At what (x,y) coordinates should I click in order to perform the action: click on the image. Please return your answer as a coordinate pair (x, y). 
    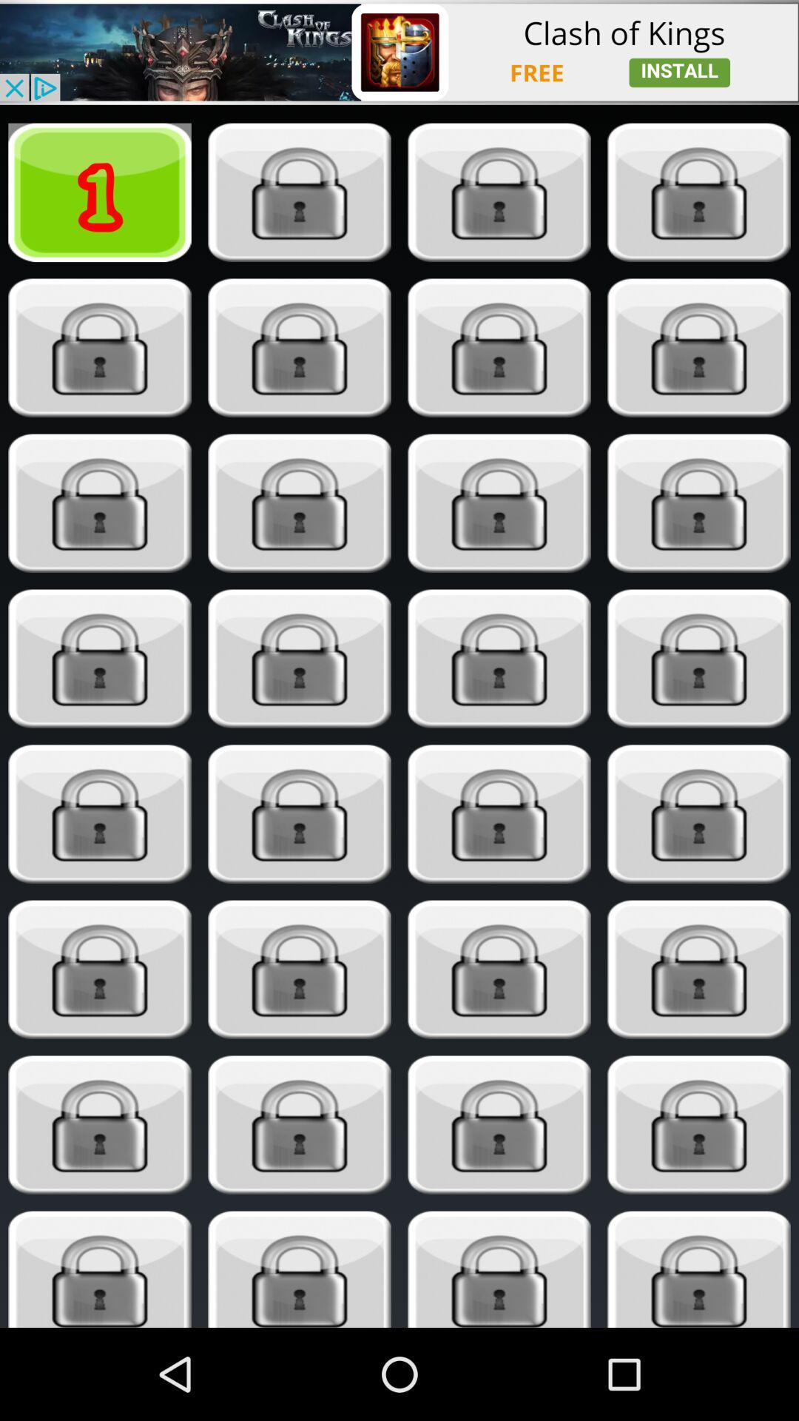
    Looking at the image, I should click on (699, 813).